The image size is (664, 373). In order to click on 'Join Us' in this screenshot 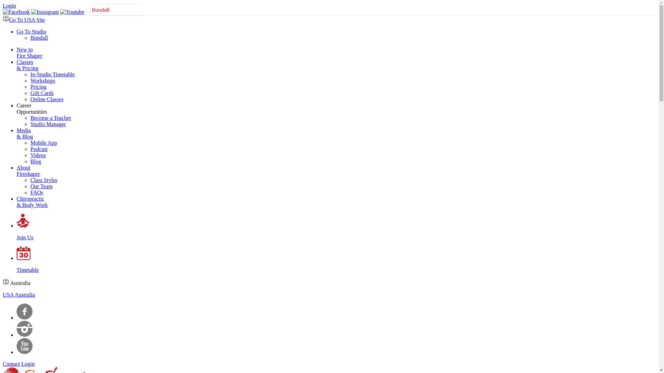, I will do `click(17, 232)`.